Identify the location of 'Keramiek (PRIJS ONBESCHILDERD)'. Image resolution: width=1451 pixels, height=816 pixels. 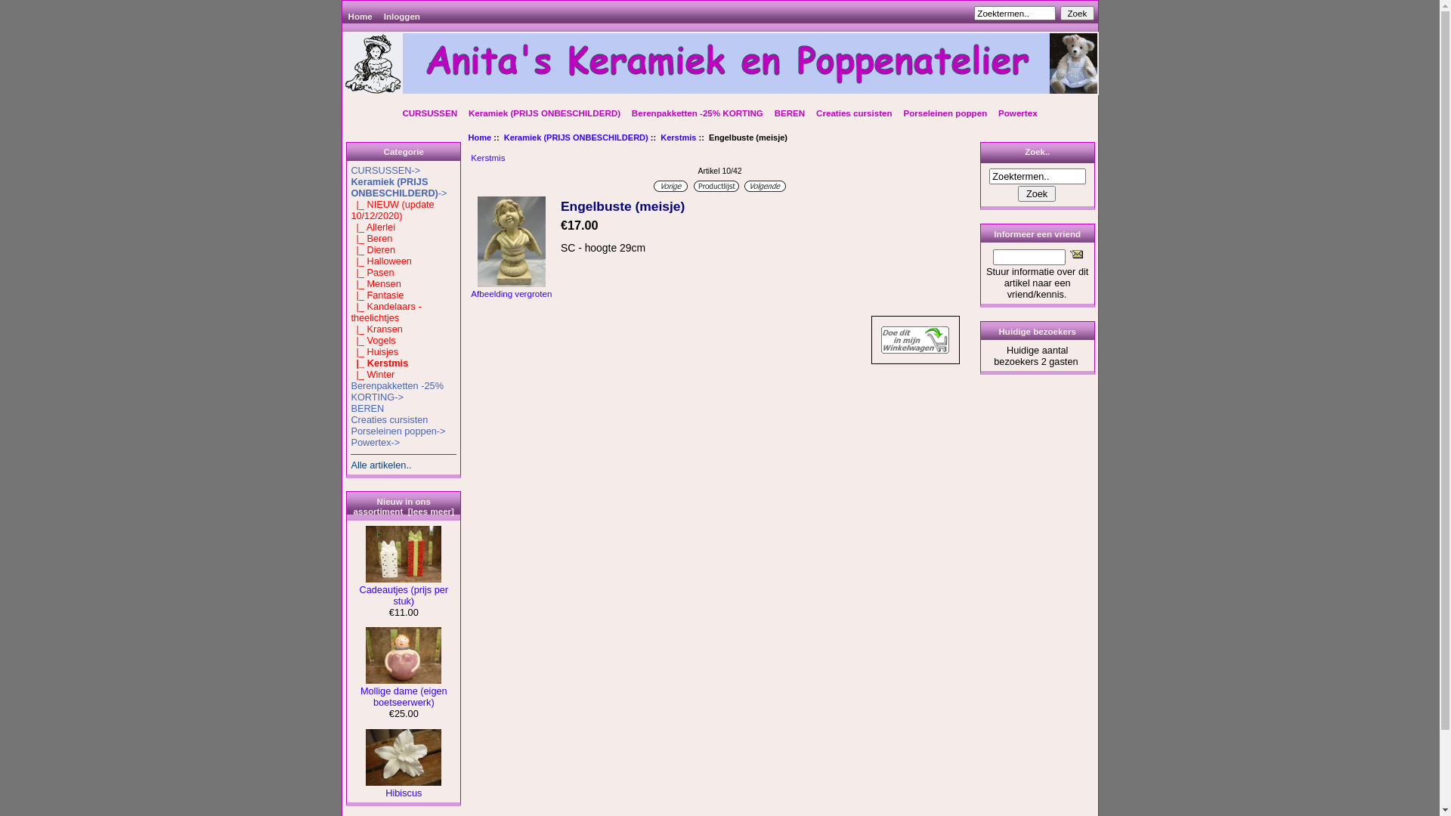
(575, 137).